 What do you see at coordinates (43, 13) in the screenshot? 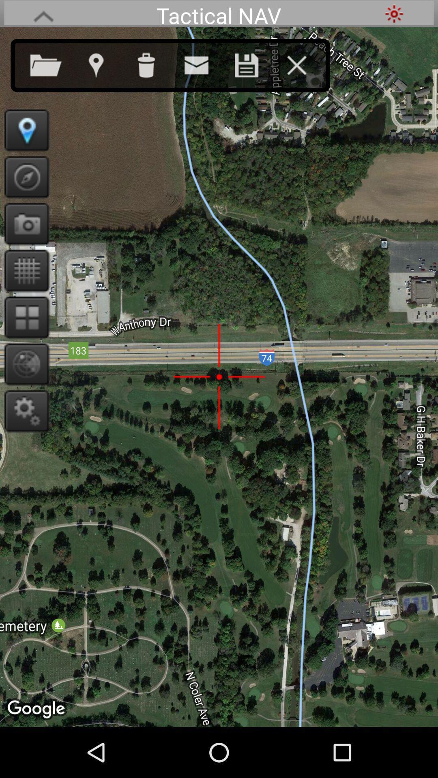
I see `hide setting bar` at bounding box center [43, 13].